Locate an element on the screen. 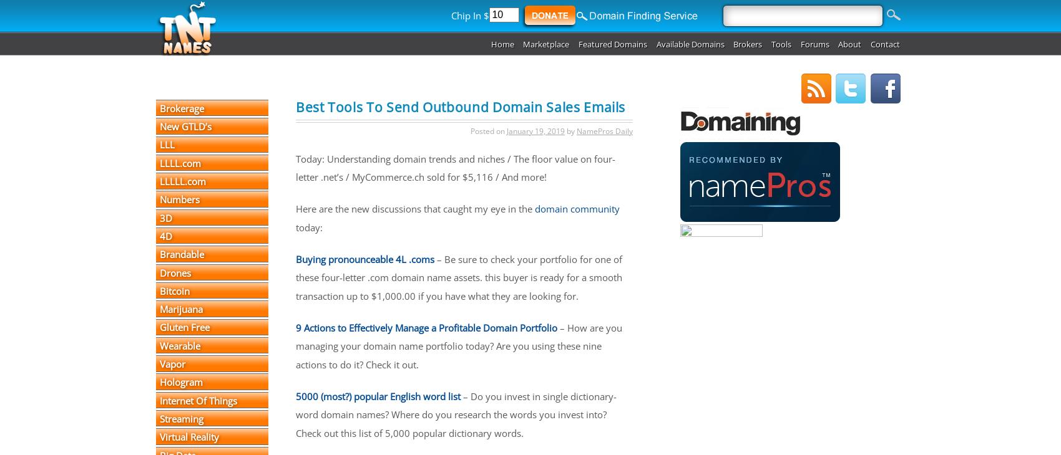 This screenshot has height=455, width=1061. 'Marketplace' is located at coordinates (522, 43).